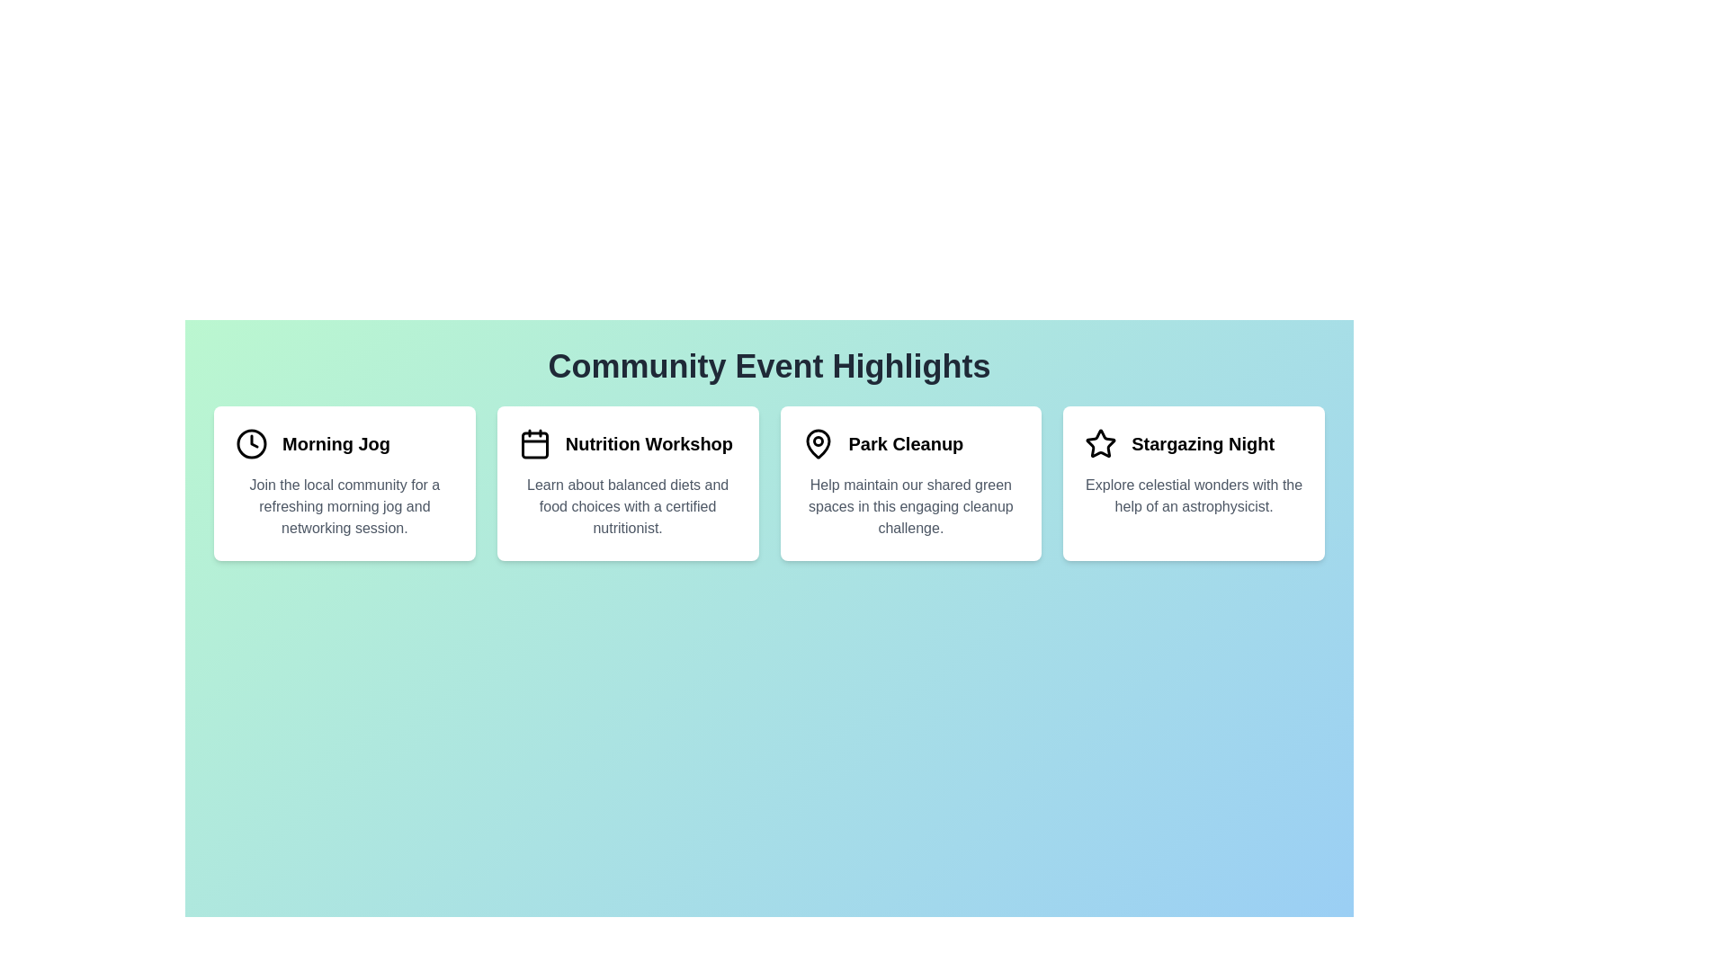  I want to click on the map pin icon graphic located in the upper-left section of the 'Park Cleanup' card, which serves as a location indicator, so click(817, 443).